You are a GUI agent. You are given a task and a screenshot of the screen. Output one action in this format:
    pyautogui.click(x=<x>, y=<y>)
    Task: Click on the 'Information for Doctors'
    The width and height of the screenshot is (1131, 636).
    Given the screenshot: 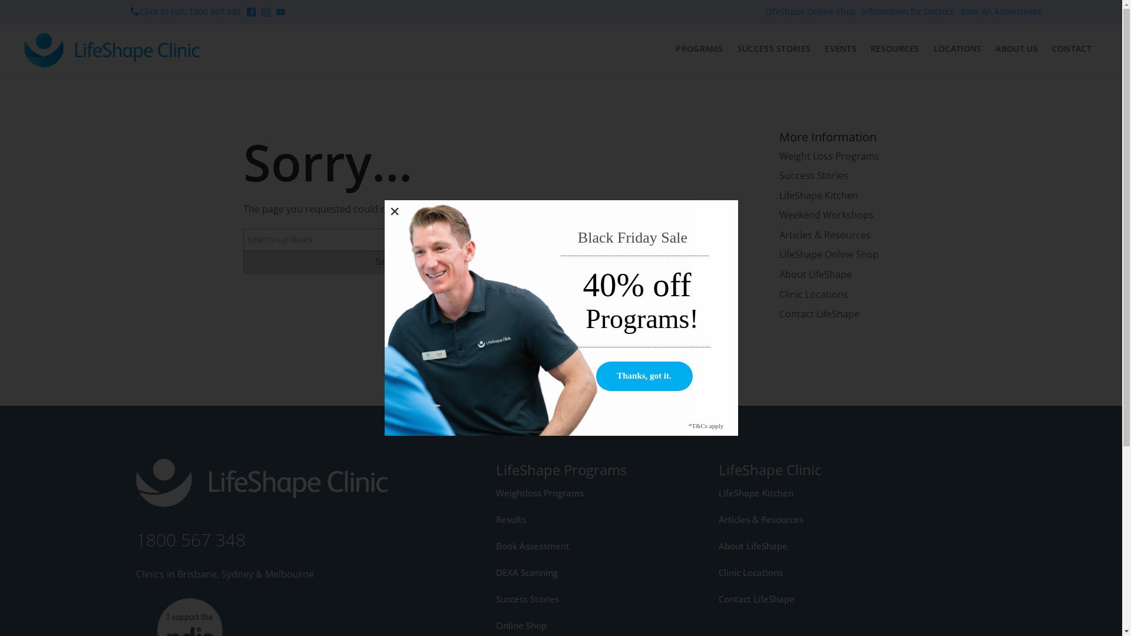 What is the action you would take?
    pyautogui.click(x=862, y=11)
    